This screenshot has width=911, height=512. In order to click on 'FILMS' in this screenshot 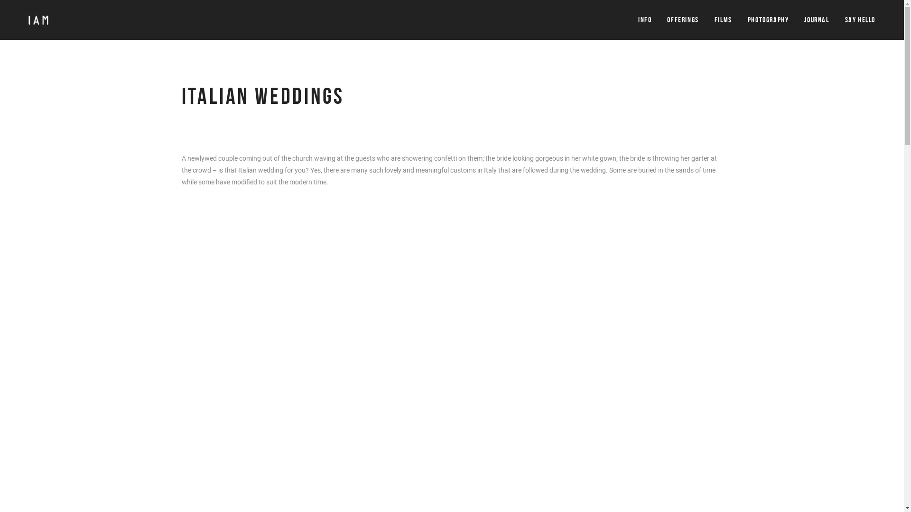, I will do `click(723, 20)`.